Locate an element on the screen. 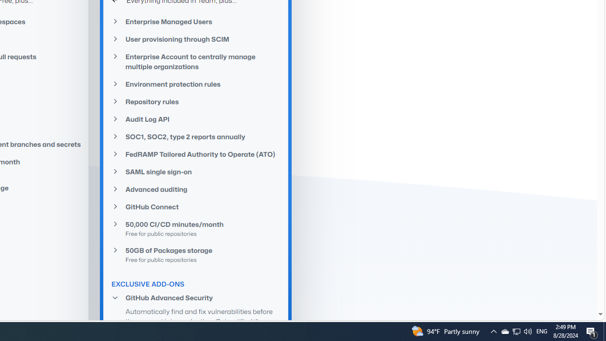 The width and height of the screenshot is (606, 341). 'Environment protection rules' is located at coordinates (196, 83).